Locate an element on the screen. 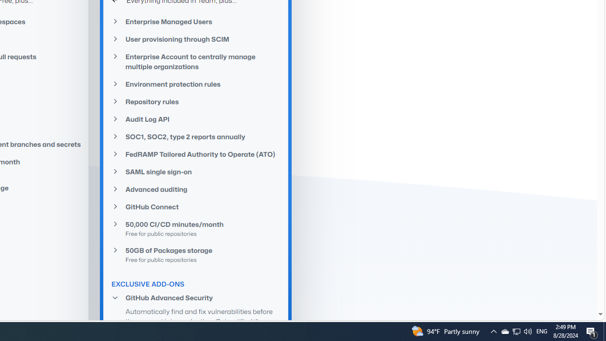 The width and height of the screenshot is (606, 341). 'Environment protection rules' is located at coordinates (196, 83).